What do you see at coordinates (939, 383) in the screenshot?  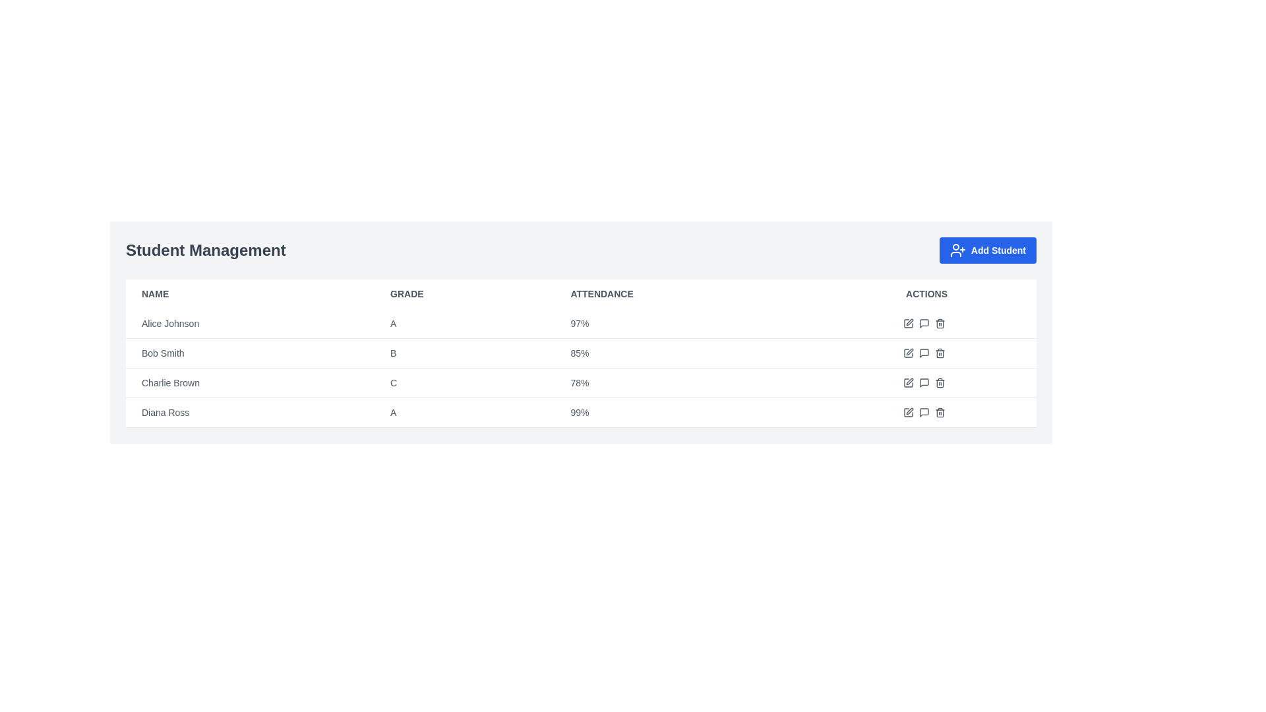 I see `the trash can icon in the 'Actions' column for the data entity 'Charlie Brown'` at bounding box center [939, 383].